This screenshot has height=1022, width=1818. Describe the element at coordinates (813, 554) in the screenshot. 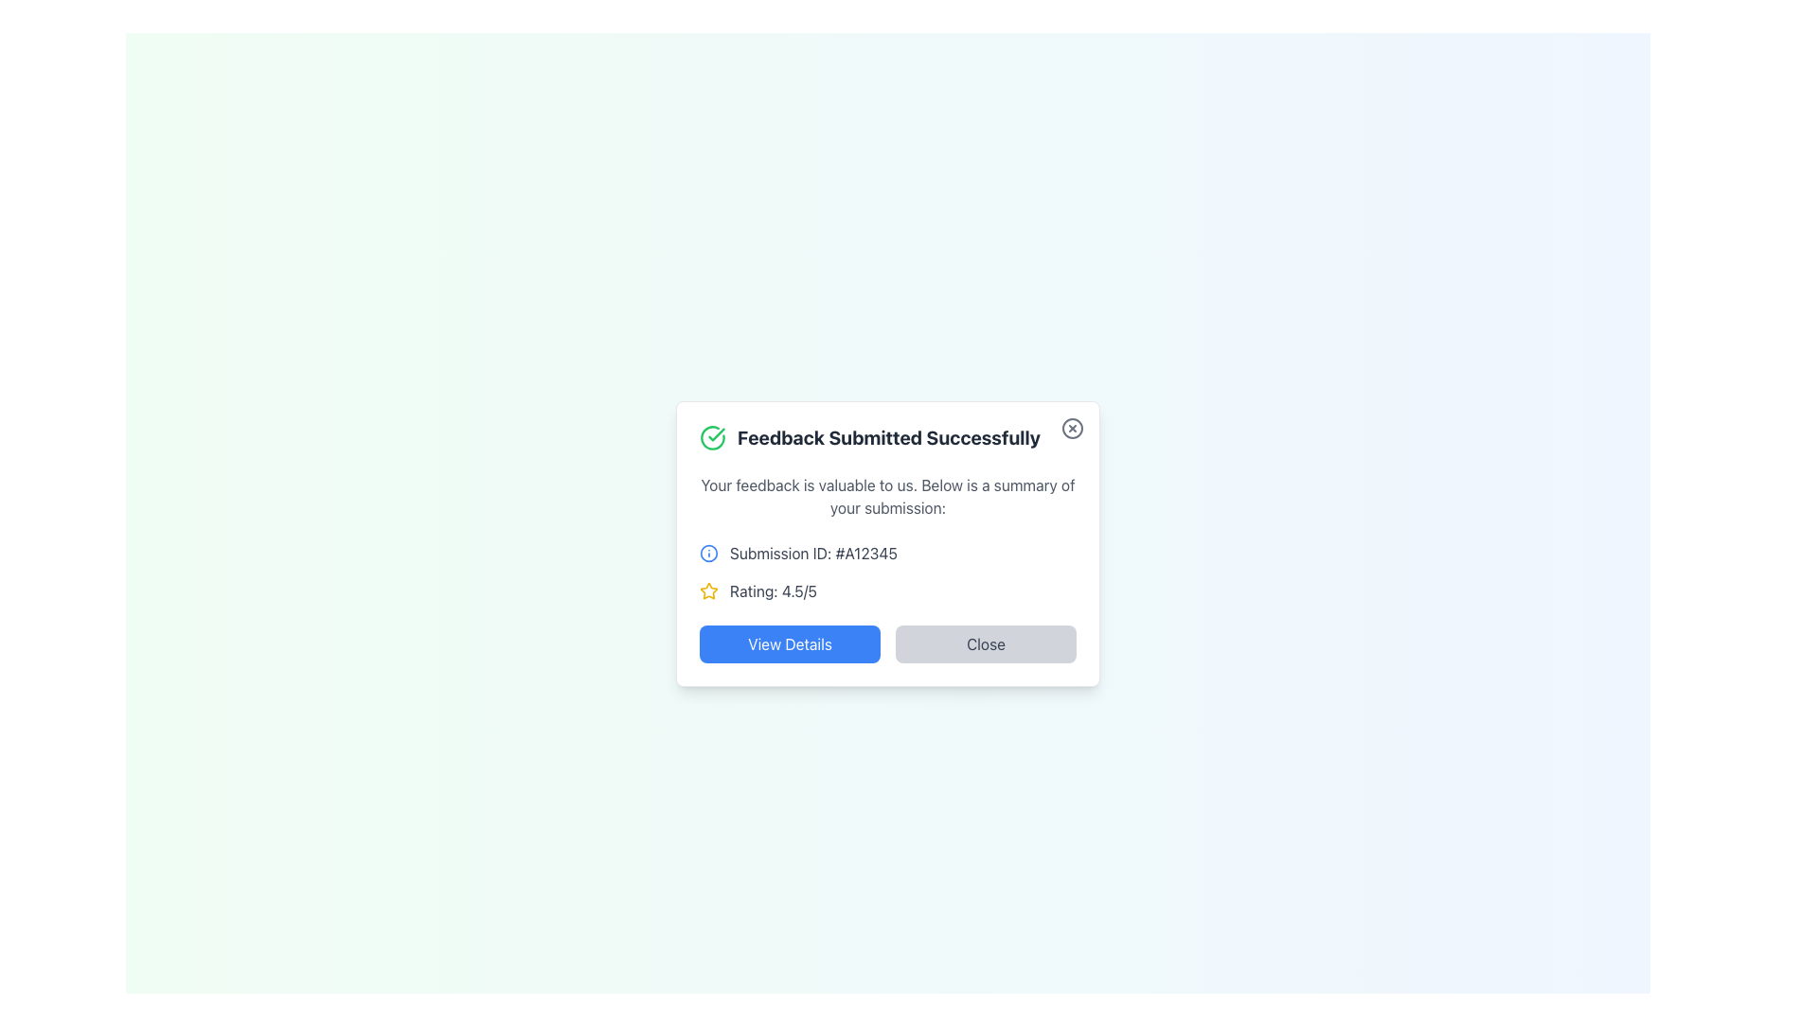

I see `the static text label that displays the submission identifier, located in the informational section of the feedback dialog, to the right of the information symbol` at that location.